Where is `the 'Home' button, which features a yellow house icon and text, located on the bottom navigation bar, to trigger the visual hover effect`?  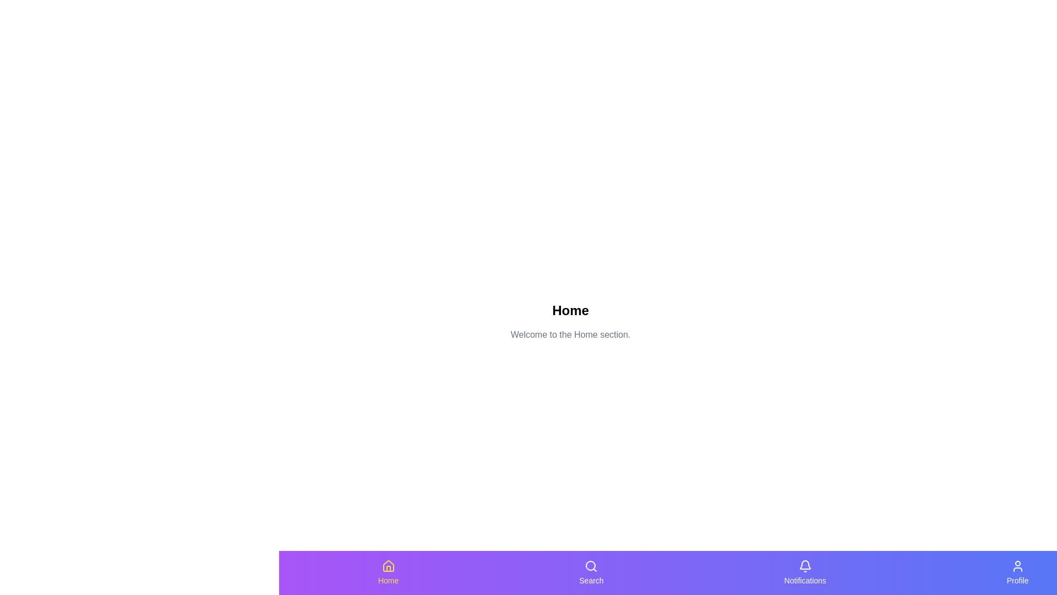 the 'Home' button, which features a yellow house icon and text, located on the bottom navigation bar, to trigger the visual hover effect is located at coordinates (388, 572).